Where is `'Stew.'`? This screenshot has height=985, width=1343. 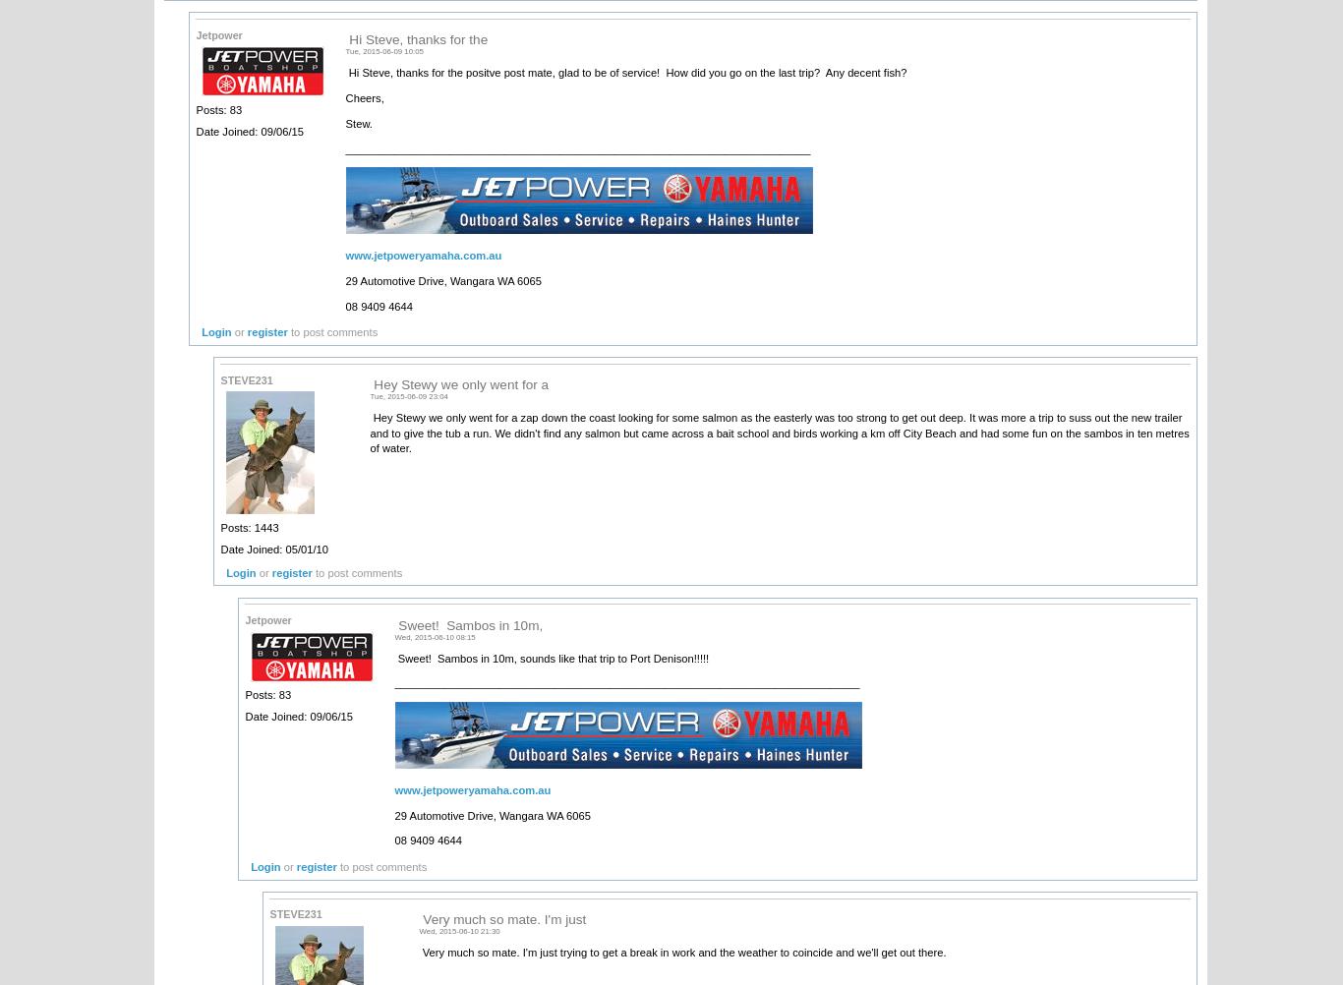 'Stew.' is located at coordinates (357, 122).